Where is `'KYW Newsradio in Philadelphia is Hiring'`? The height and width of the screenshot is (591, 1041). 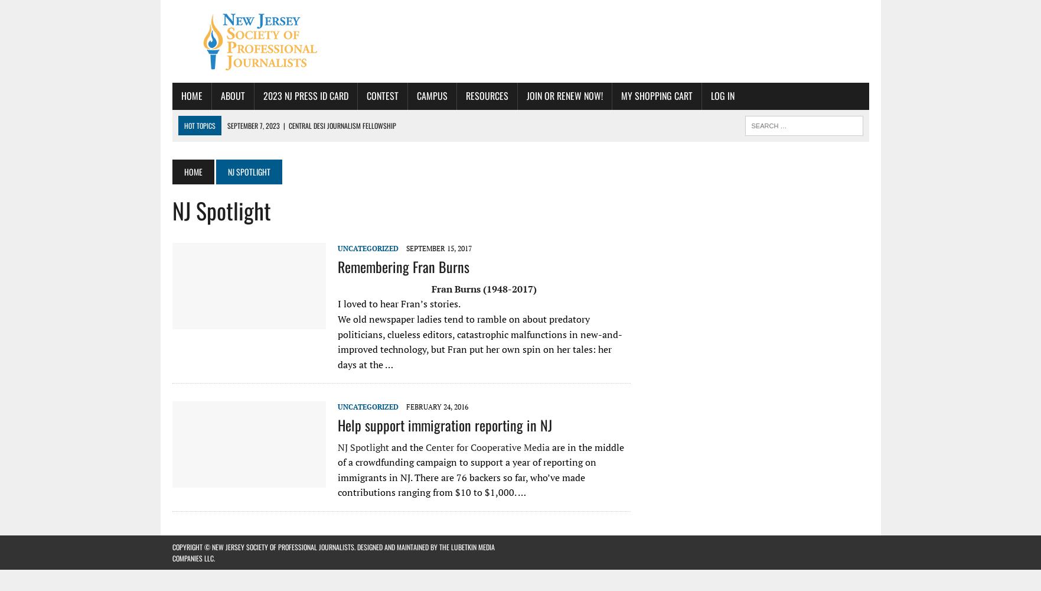
'KYW Newsradio in Philadelphia is Hiring' is located at coordinates (292, 183).